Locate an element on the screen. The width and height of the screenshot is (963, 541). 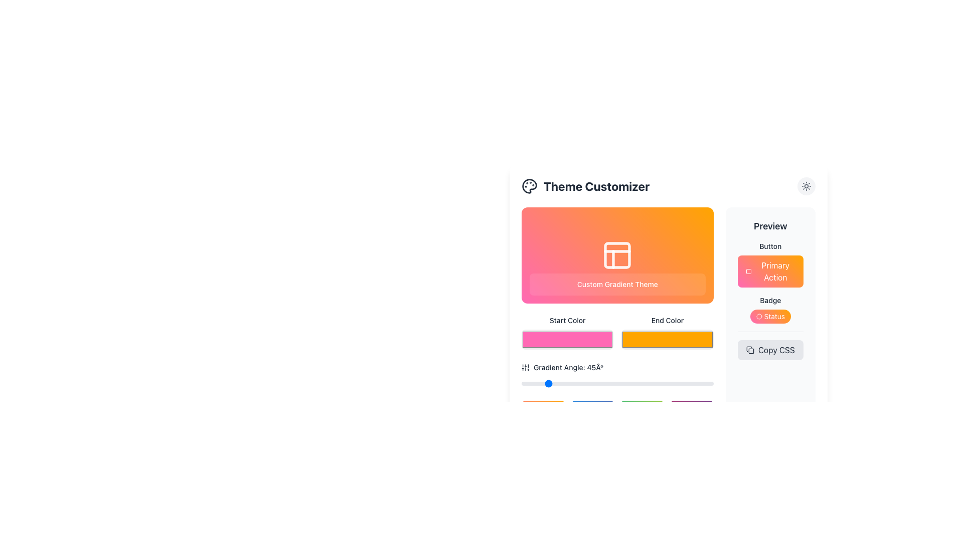
the 'Primary Action' button, which is the first interactive button in the 'Preview' section under the 'Button' heading is located at coordinates (770, 264).